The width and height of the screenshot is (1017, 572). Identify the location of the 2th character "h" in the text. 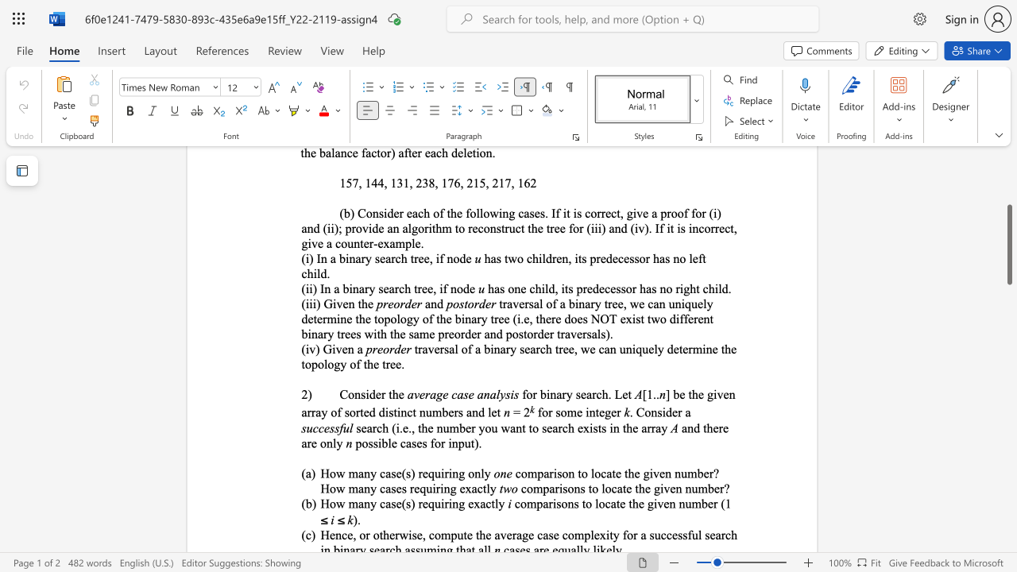
(727, 348).